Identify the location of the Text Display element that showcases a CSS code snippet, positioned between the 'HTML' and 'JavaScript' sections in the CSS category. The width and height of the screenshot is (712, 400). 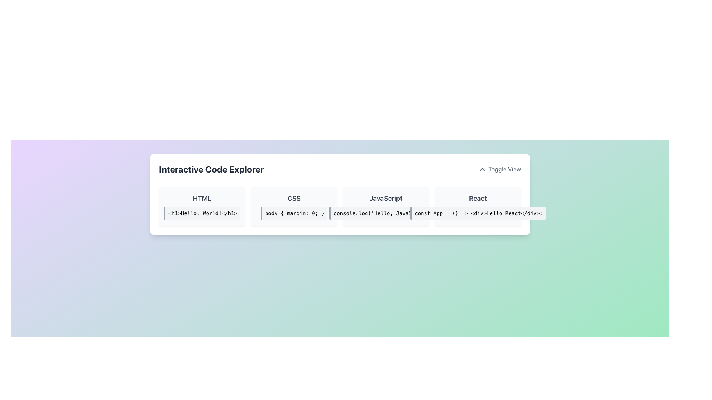
(294, 213).